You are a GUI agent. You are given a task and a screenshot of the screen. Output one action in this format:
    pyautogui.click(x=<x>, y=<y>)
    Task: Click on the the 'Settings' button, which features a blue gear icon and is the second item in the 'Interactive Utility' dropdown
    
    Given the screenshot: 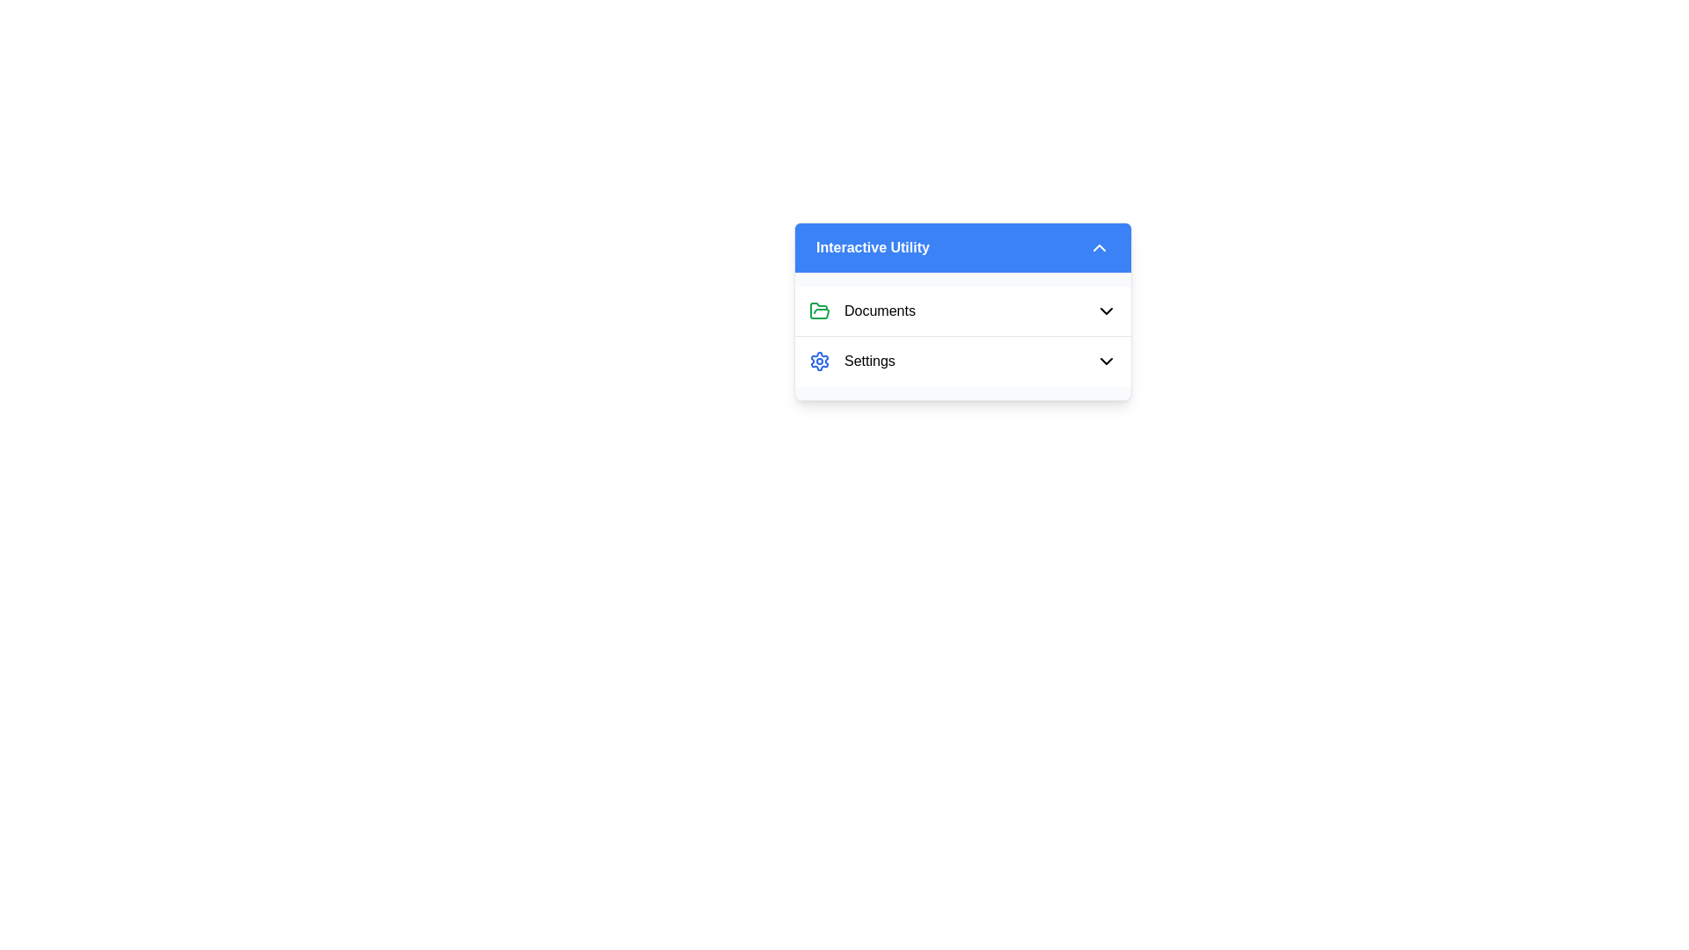 What is the action you would take?
    pyautogui.click(x=852, y=361)
    